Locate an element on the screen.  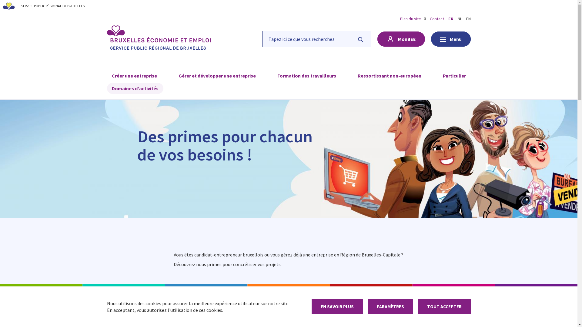
'EN SAVOIR PLUS' is located at coordinates (337, 307).